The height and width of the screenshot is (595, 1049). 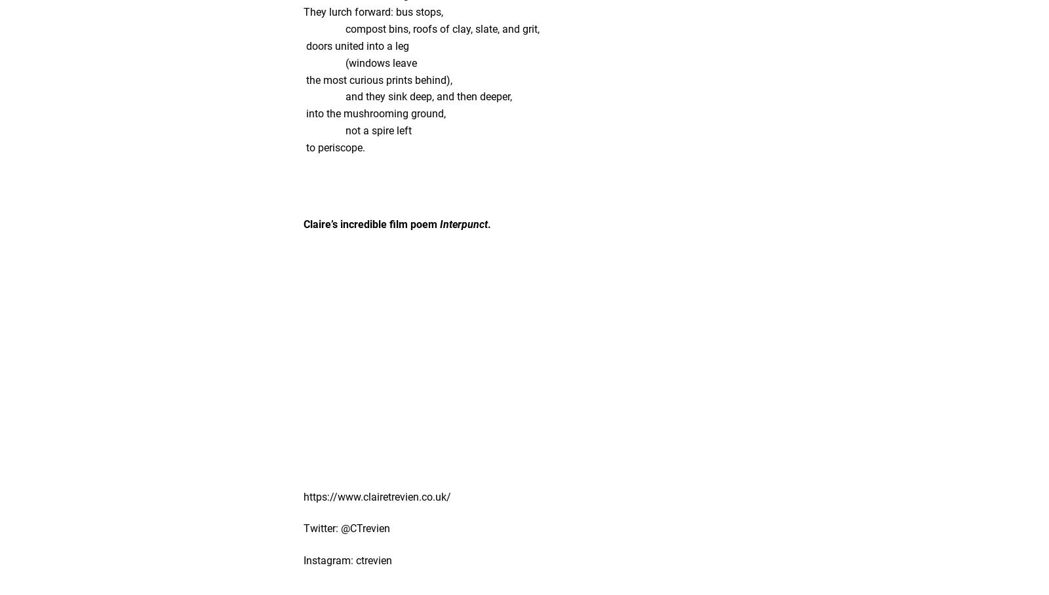 What do you see at coordinates (303, 130) in the screenshot?
I see `'not a spire left'` at bounding box center [303, 130].